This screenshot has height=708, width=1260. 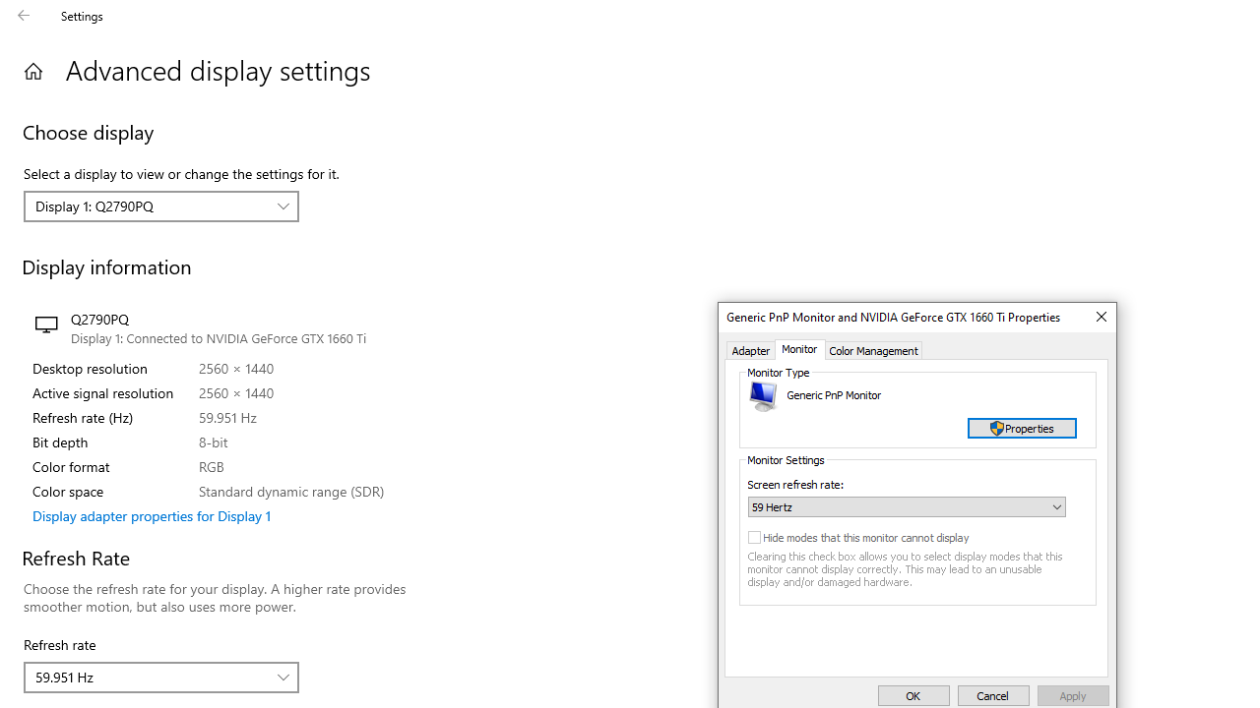 I want to click on 'Apply', so click(x=1072, y=694).